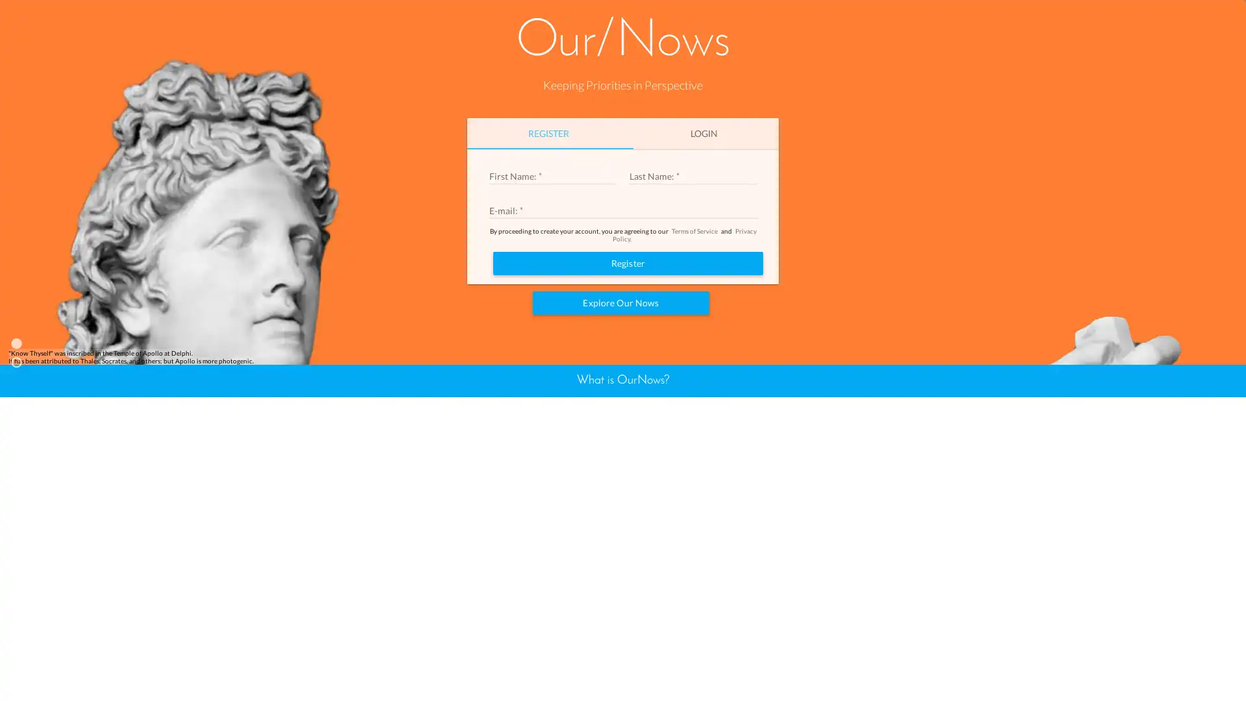 The height and width of the screenshot is (701, 1246). I want to click on Register, so click(628, 415).